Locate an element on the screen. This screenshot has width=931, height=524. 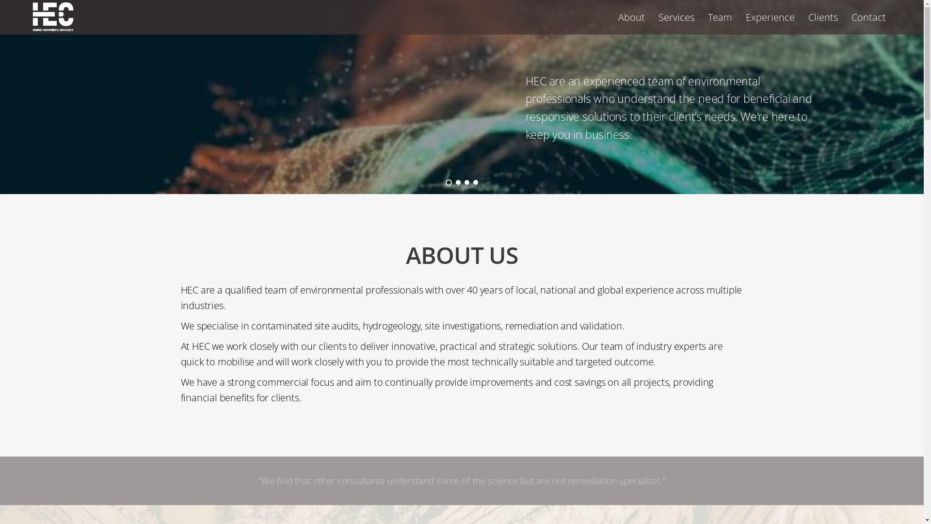
'About' is located at coordinates (611, 17).